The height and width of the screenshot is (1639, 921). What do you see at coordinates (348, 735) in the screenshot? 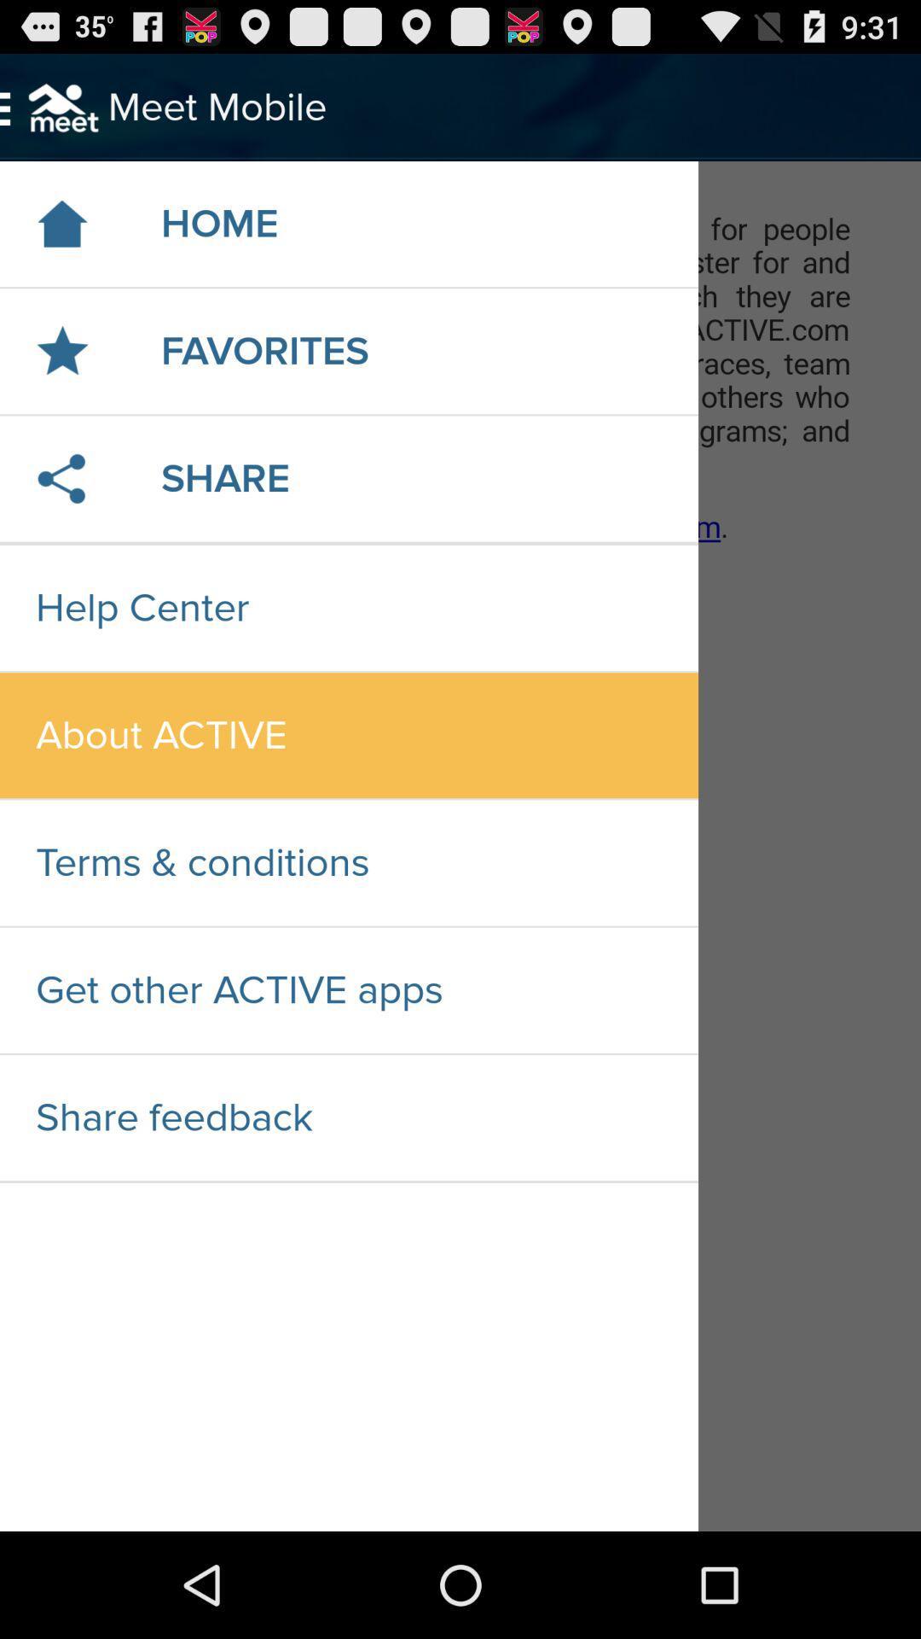
I see `about active icon` at bounding box center [348, 735].